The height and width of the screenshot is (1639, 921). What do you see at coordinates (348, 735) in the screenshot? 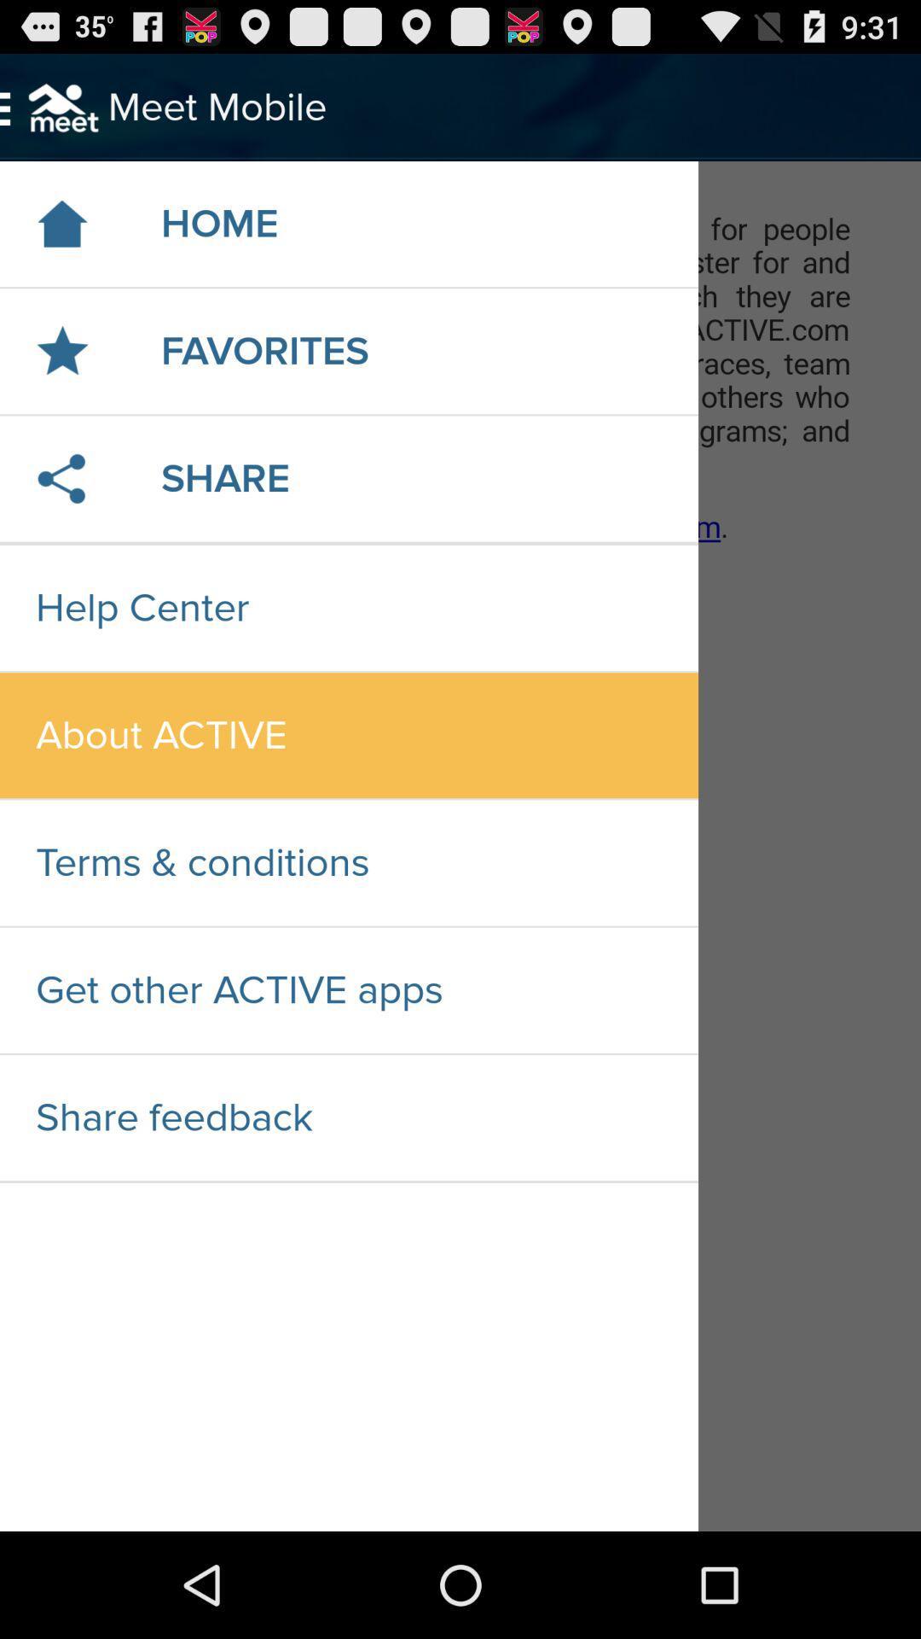
I see `about active icon` at bounding box center [348, 735].